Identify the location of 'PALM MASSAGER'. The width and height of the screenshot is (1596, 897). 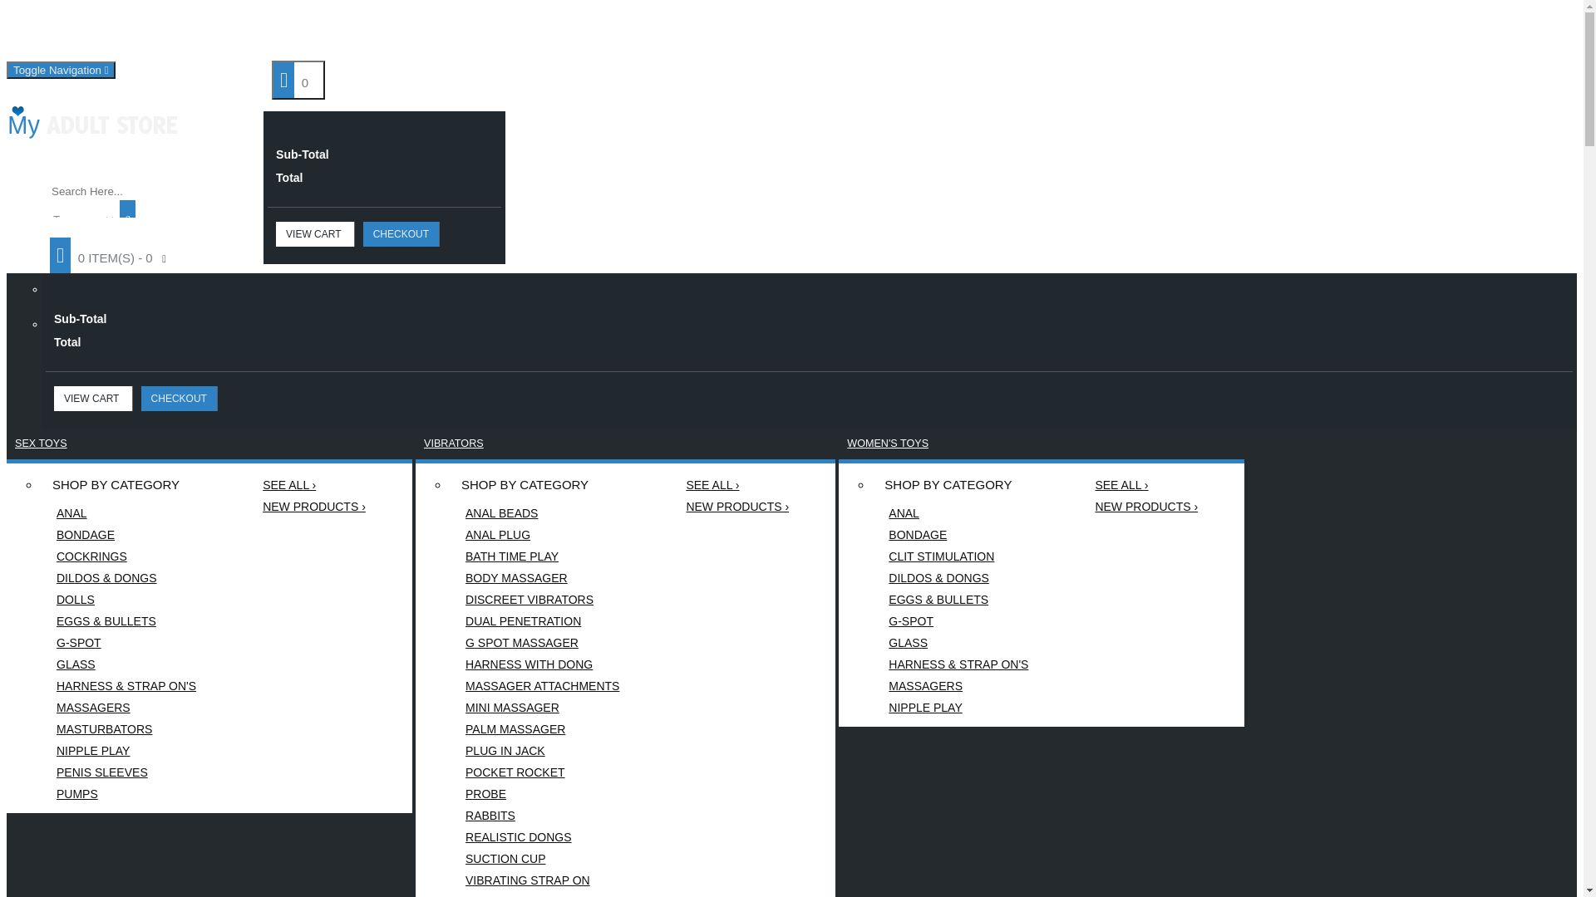
(448, 728).